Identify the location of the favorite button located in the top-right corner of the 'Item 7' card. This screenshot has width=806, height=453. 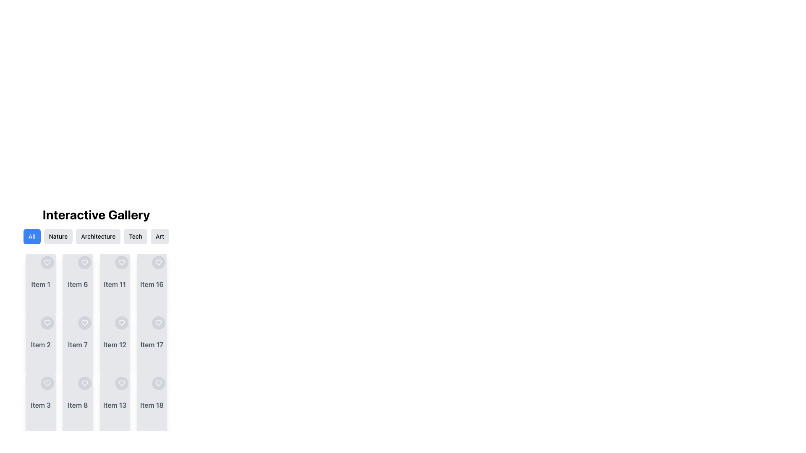
(84, 323).